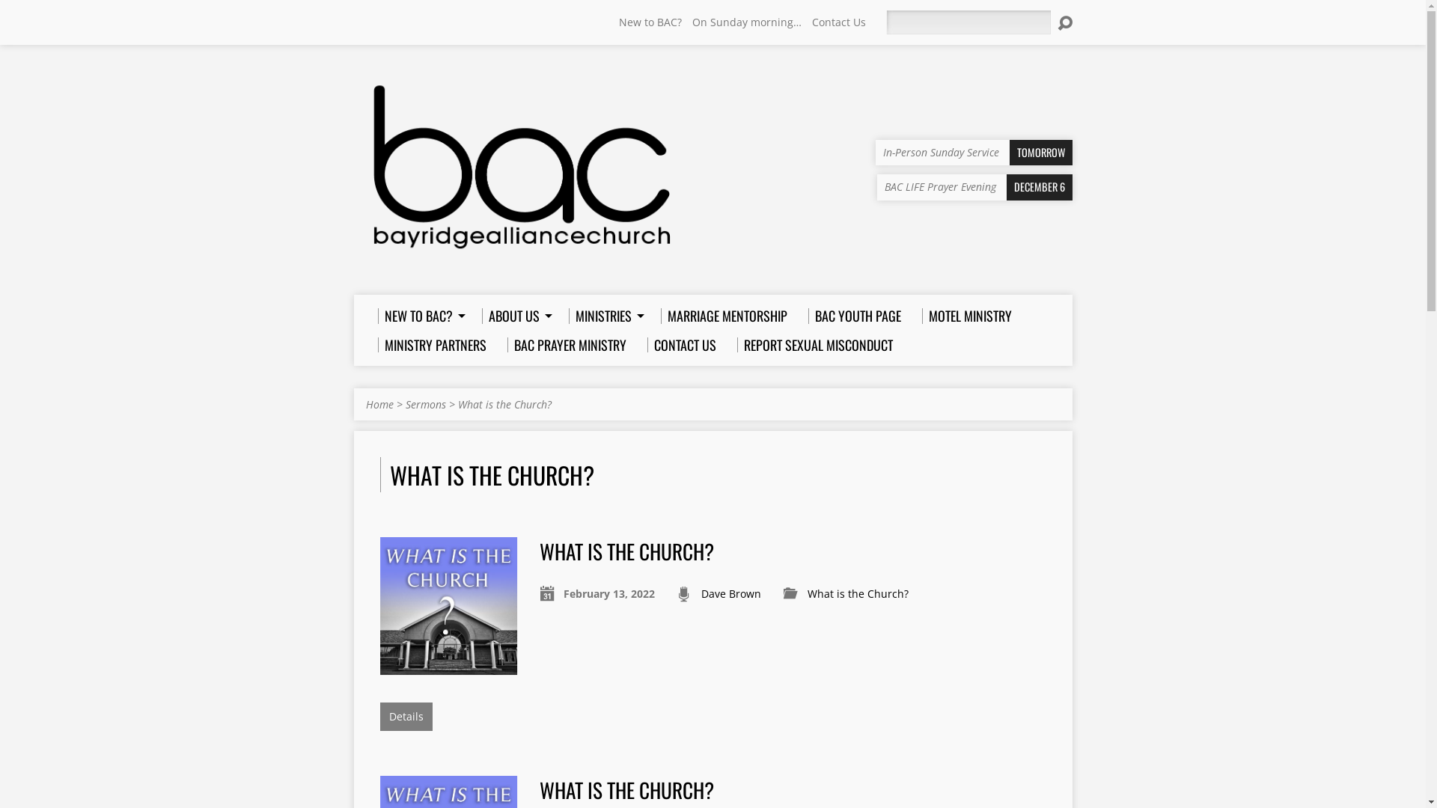 This screenshot has width=1437, height=808. Describe the element at coordinates (966, 314) in the screenshot. I see `'MOTEL MINISTRY'` at that location.